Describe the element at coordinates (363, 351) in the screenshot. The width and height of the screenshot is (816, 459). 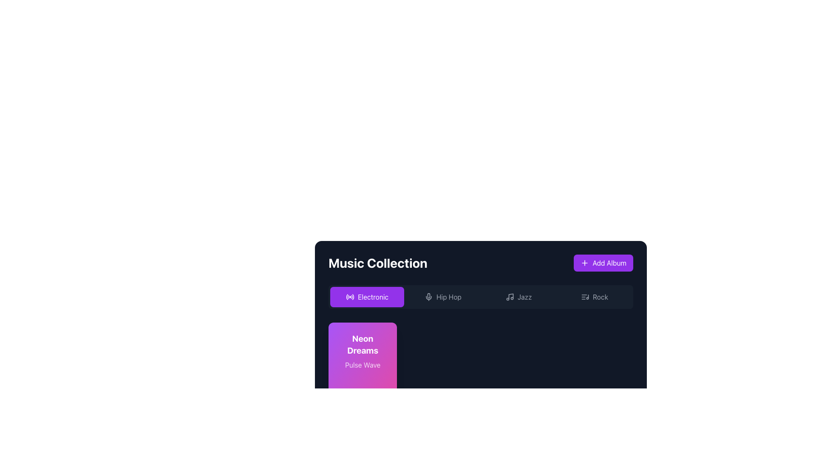
I see `the Text Display element that shows 'Neon Dreams' and 'Pulse Wave' with a vibrant pink-to-purple gradient background, located in the 'Music Collection' section` at that location.